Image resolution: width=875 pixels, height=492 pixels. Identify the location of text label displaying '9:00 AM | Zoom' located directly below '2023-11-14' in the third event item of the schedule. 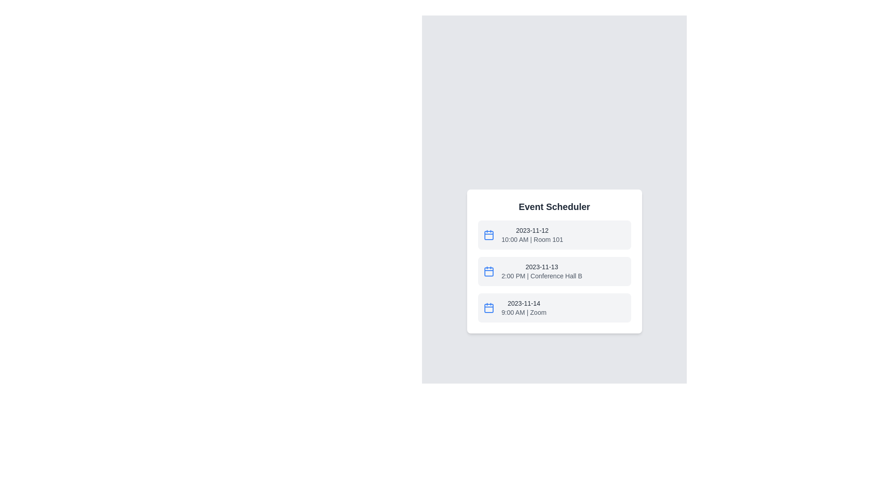
(524, 312).